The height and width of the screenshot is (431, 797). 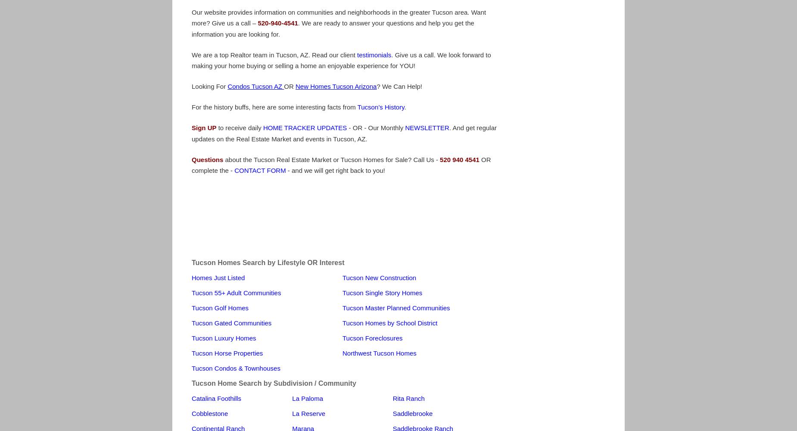 What do you see at coordinates (231, 322) in the screenshot?
I see `'Tucson Gated Communities'` at bounding box center [231, 322].